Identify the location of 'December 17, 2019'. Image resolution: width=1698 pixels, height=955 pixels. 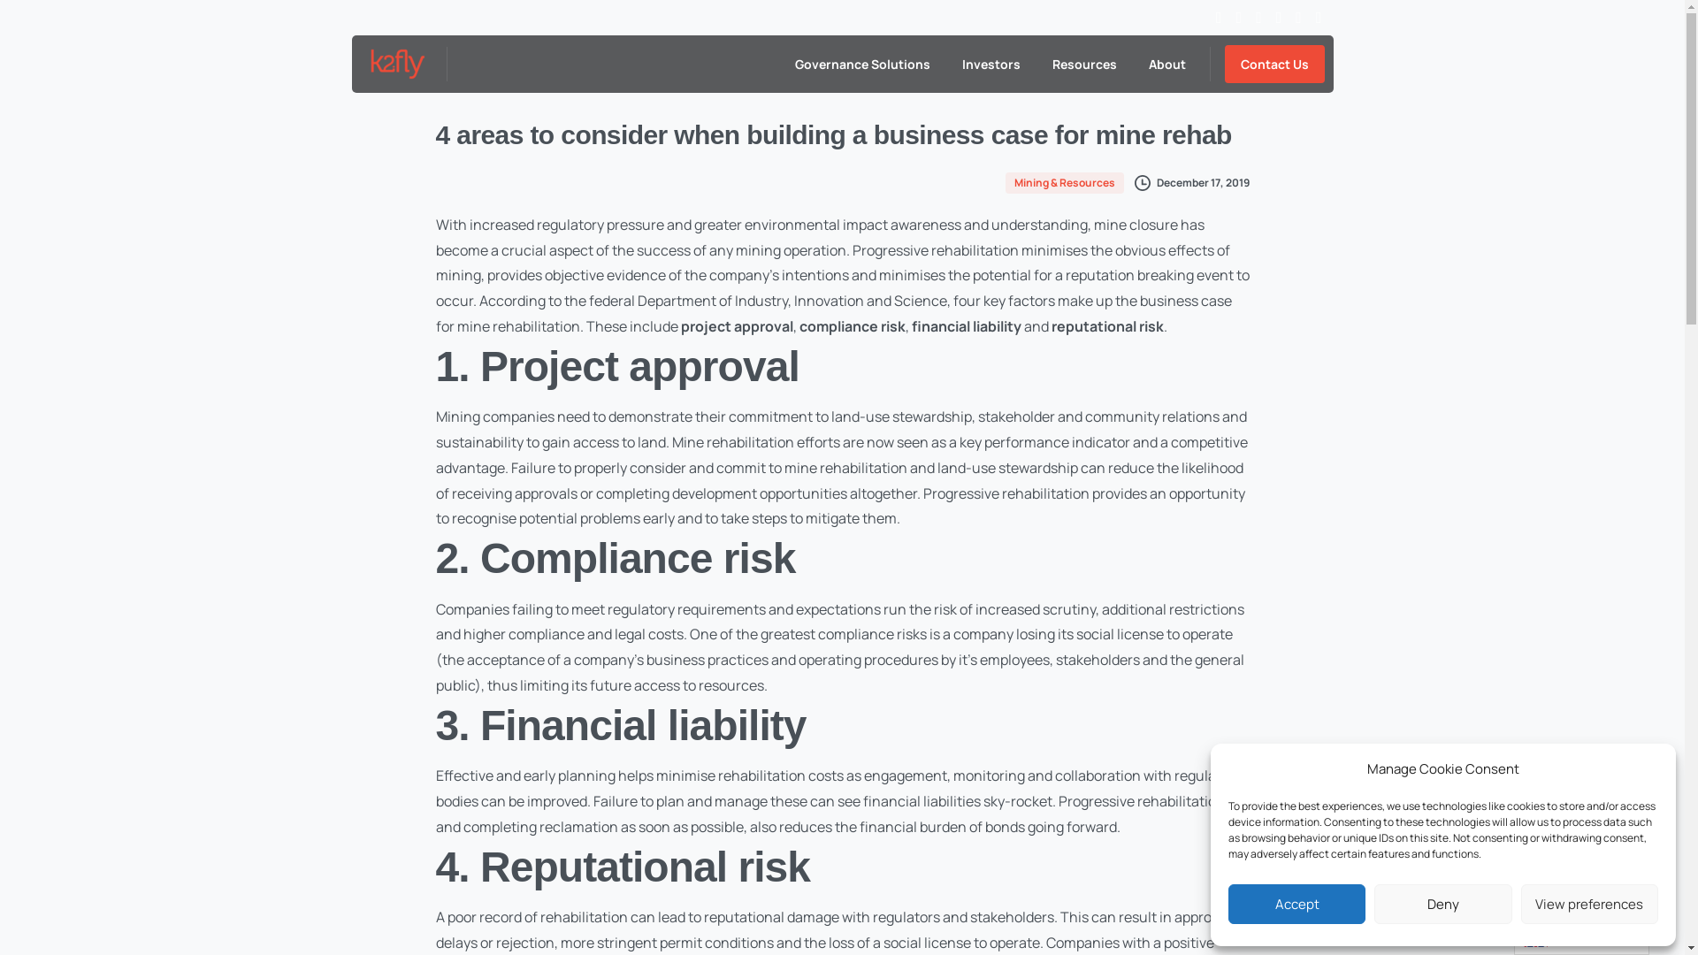
(1191, 181).